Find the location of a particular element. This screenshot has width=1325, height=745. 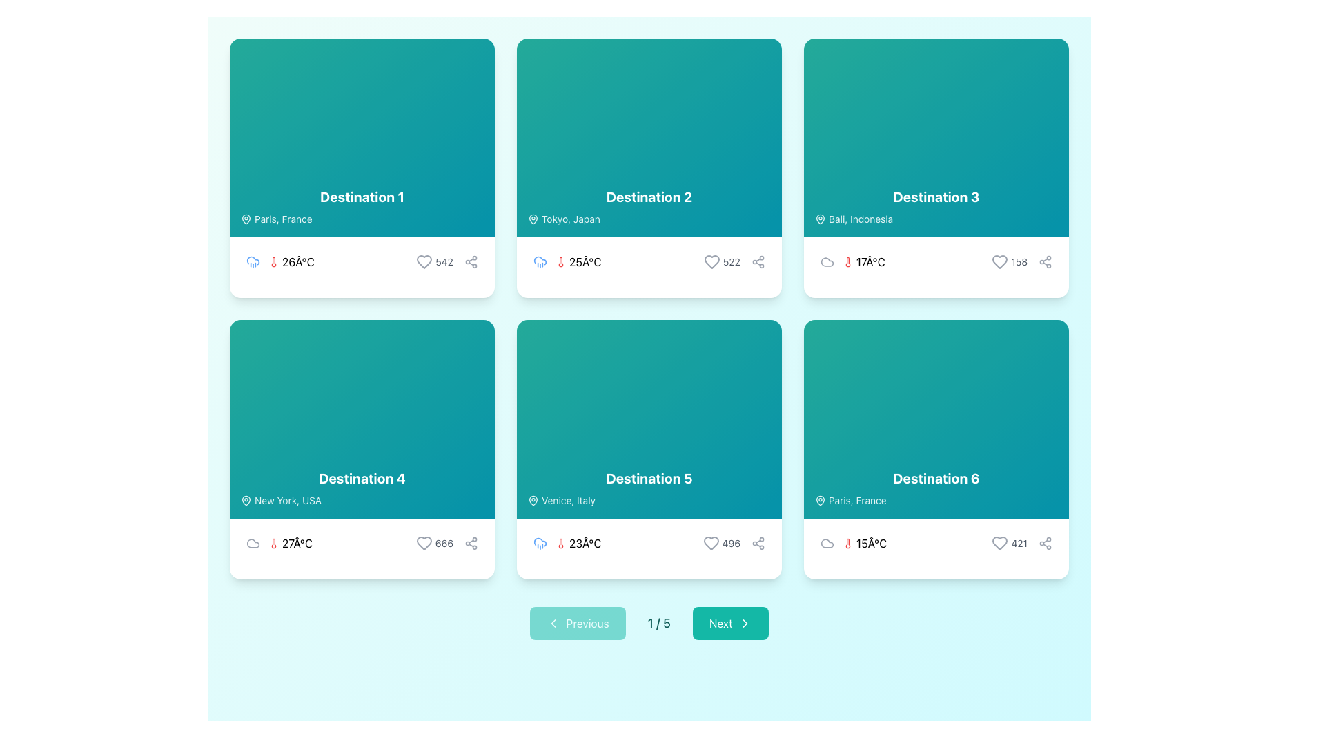

the informative display component that provides weather information and temperature for 'Destination 4', located at the bottom area of the card is located at coordinates (362, 542).